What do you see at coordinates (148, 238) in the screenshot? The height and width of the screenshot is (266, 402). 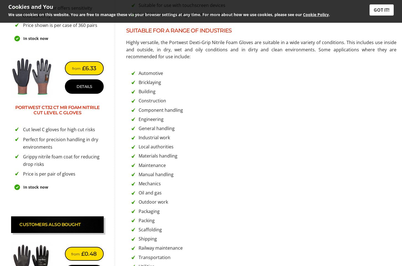 I see `'Shipping'` at bounding box center [148, 238].